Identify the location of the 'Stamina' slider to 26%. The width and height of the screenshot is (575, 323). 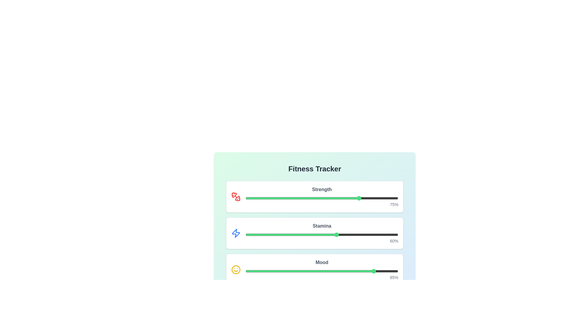
(285, 234).